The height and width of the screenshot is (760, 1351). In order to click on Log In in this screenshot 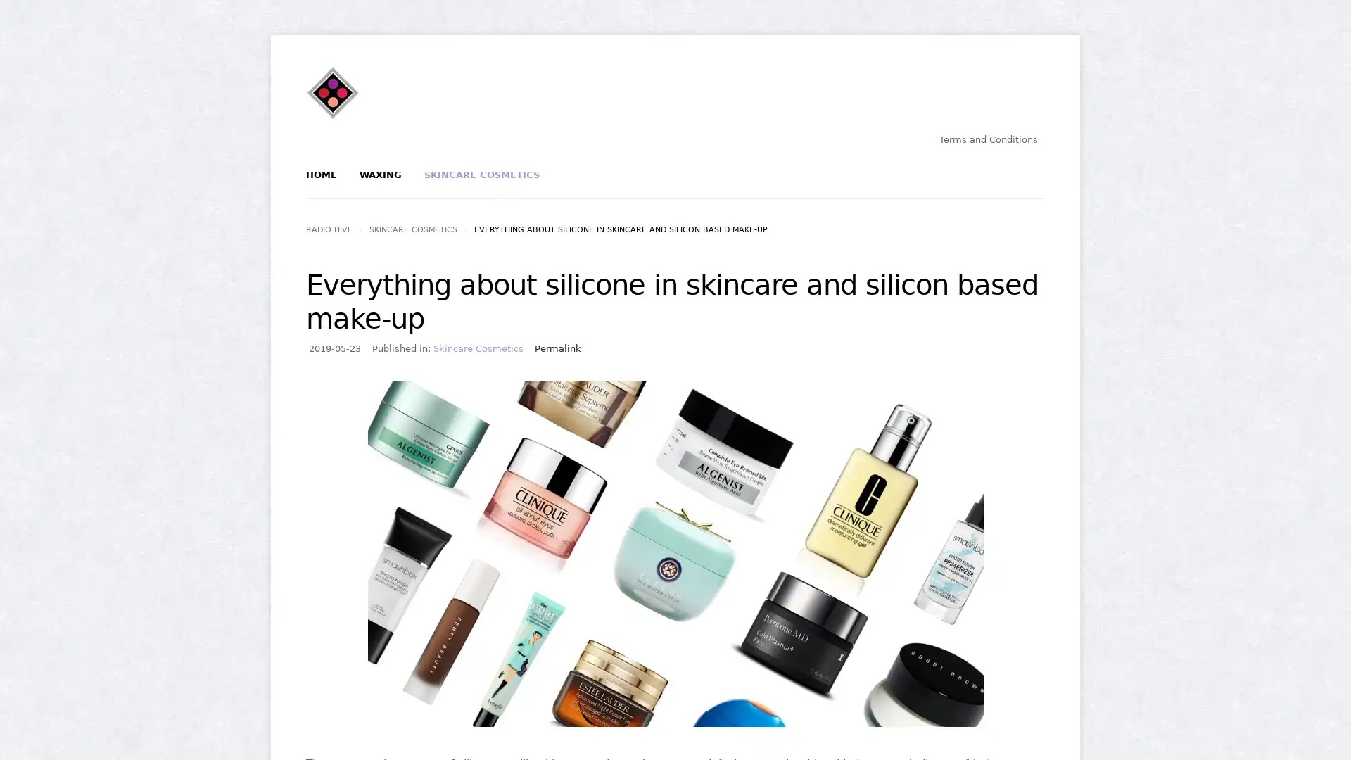, I will do `click(626, 237)`.